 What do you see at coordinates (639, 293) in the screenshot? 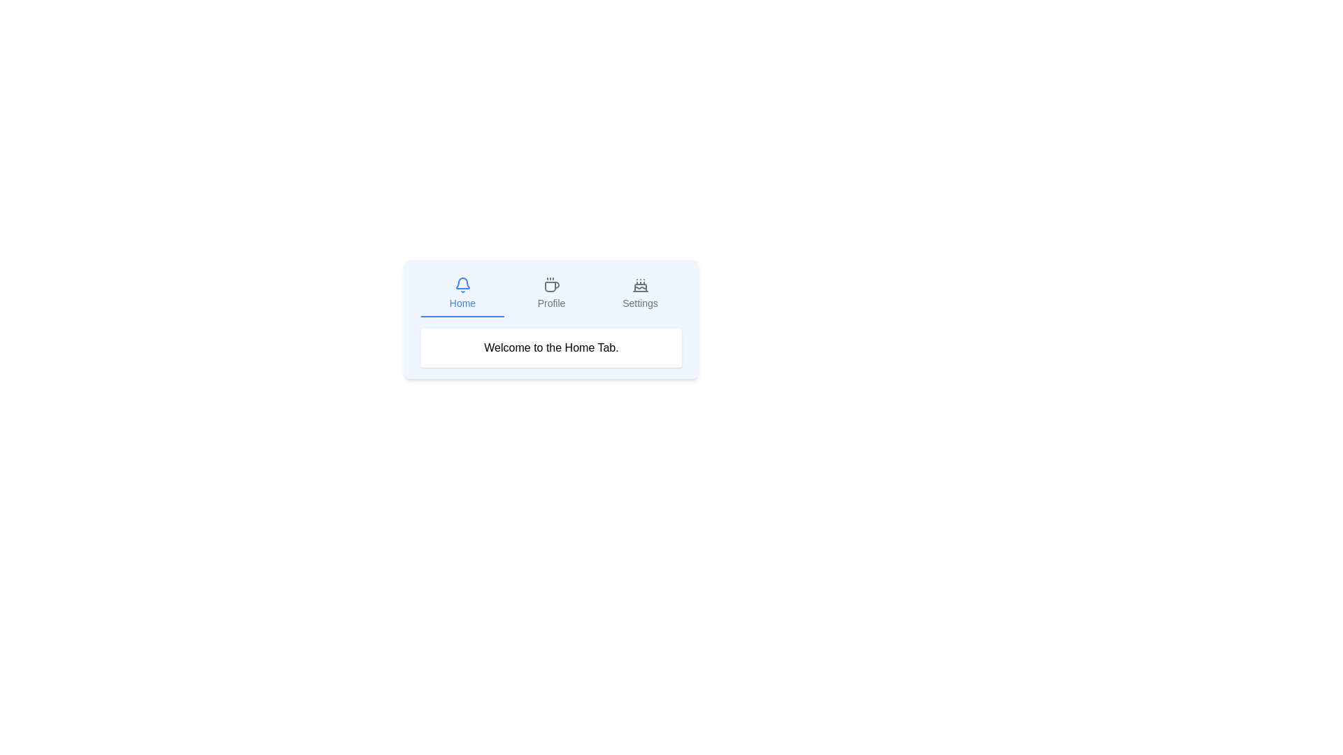
I see `the Settings tab by clicking on its button` at bounding box center [639, 293].